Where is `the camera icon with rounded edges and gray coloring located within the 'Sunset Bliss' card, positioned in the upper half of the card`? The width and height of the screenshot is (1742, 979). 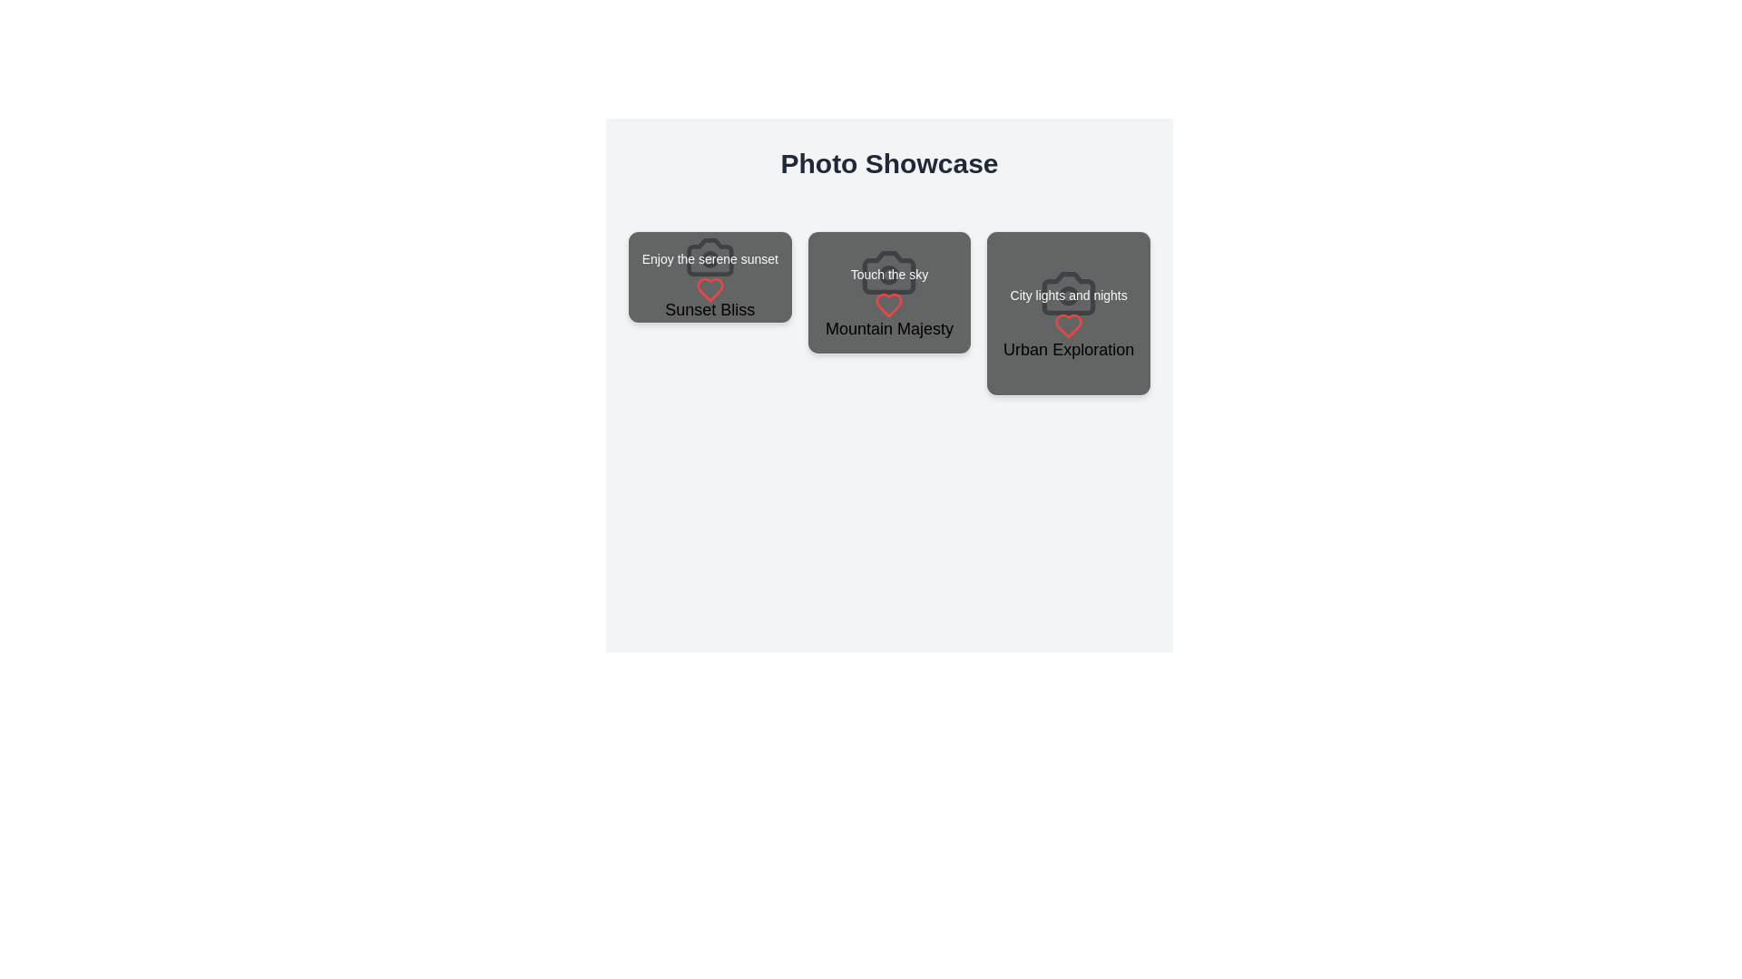 the camera icon with rounded edges and gray coloring located within the 'Sunset Bliss' card, positioned in the upper half of the card is located at coordinates (709, 257).